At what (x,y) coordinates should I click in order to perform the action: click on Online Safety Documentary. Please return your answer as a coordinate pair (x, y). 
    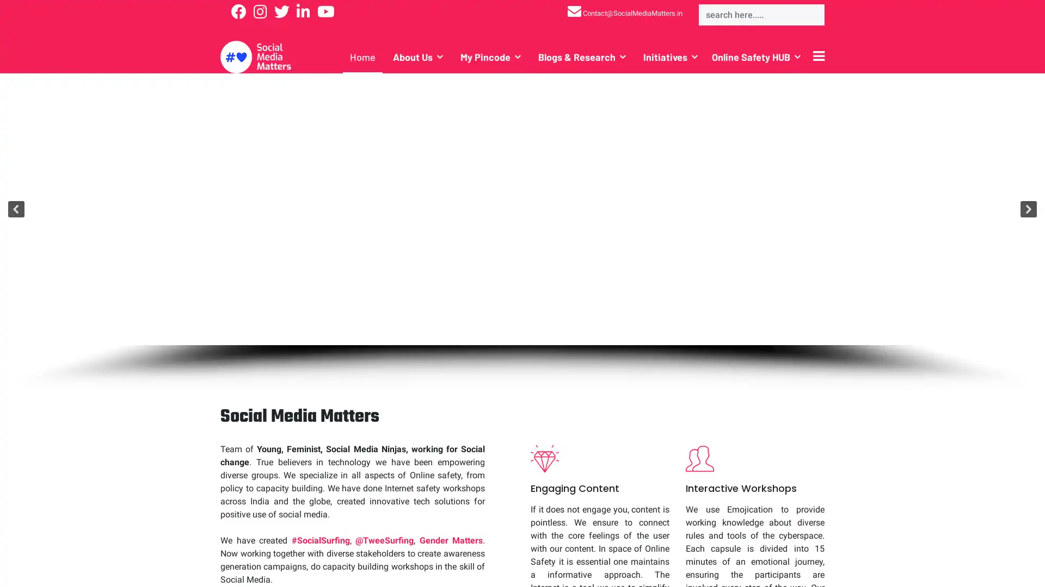
    Looking at the image, I should click on (546, 334).